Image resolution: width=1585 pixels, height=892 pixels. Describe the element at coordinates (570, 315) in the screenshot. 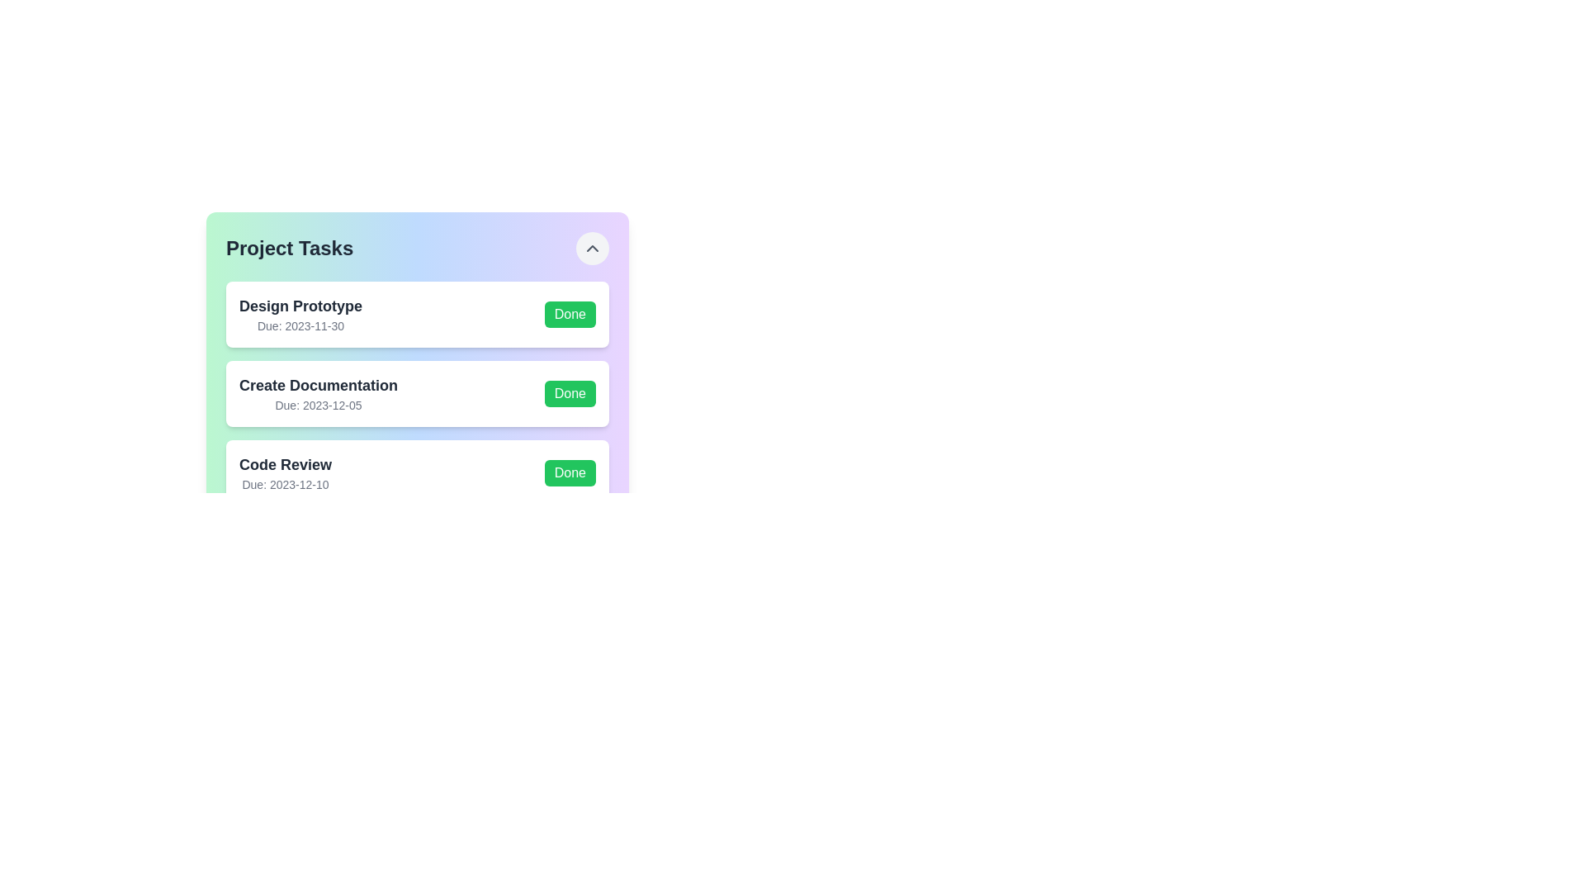

I see `'Done' button for the task 'Design Prototype'` at that location.